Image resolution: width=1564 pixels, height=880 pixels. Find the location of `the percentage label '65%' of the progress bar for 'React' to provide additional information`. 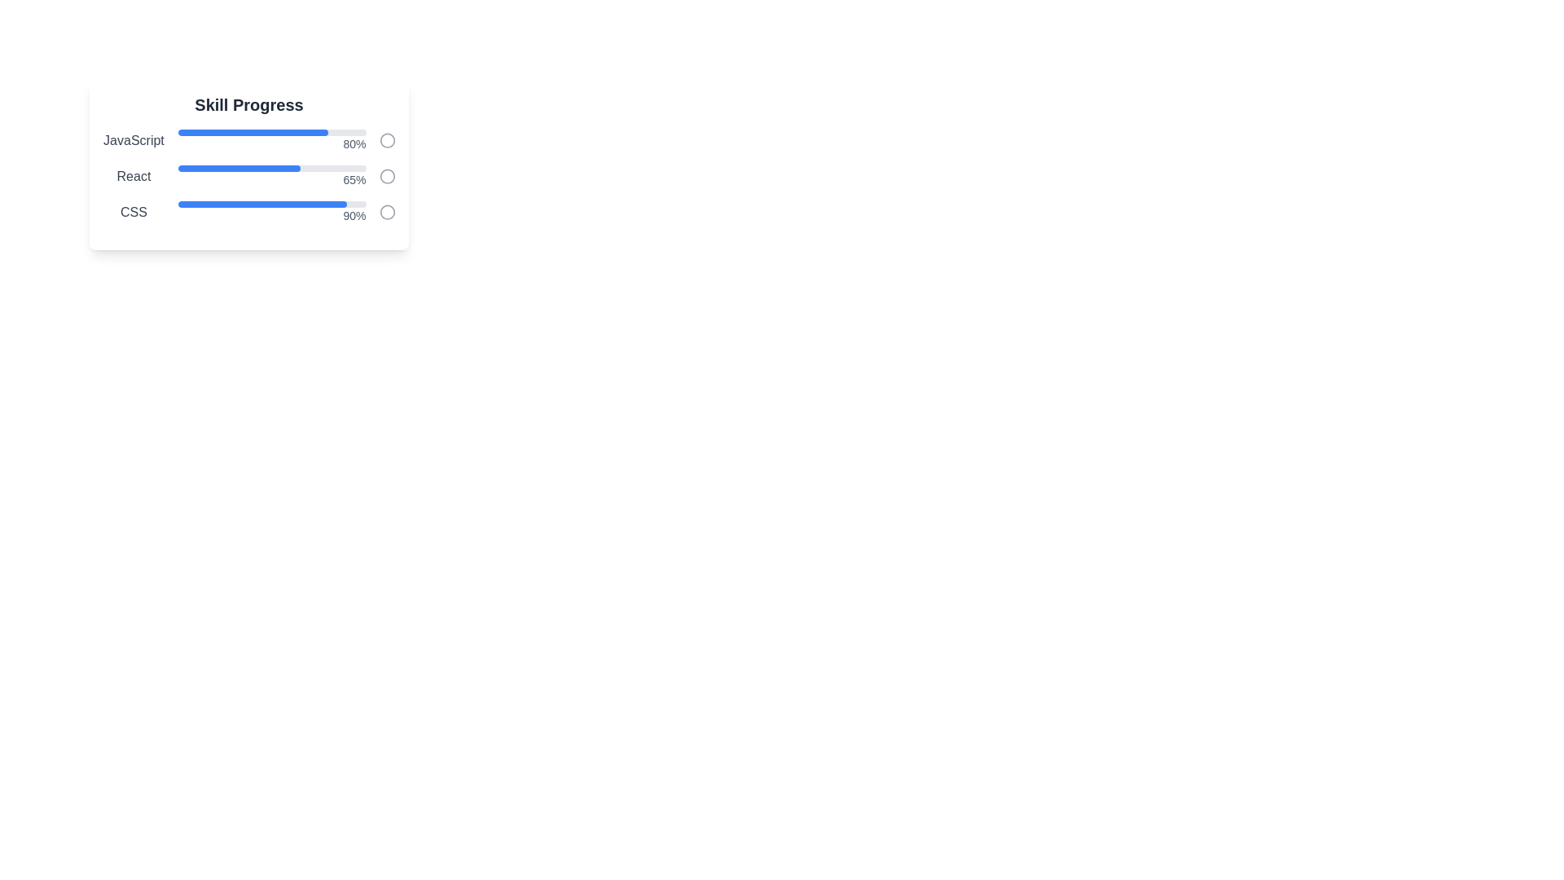

the percentage label '65%' of the progress bar for 'React' to provide additional information is located at coordinates (272, 176).